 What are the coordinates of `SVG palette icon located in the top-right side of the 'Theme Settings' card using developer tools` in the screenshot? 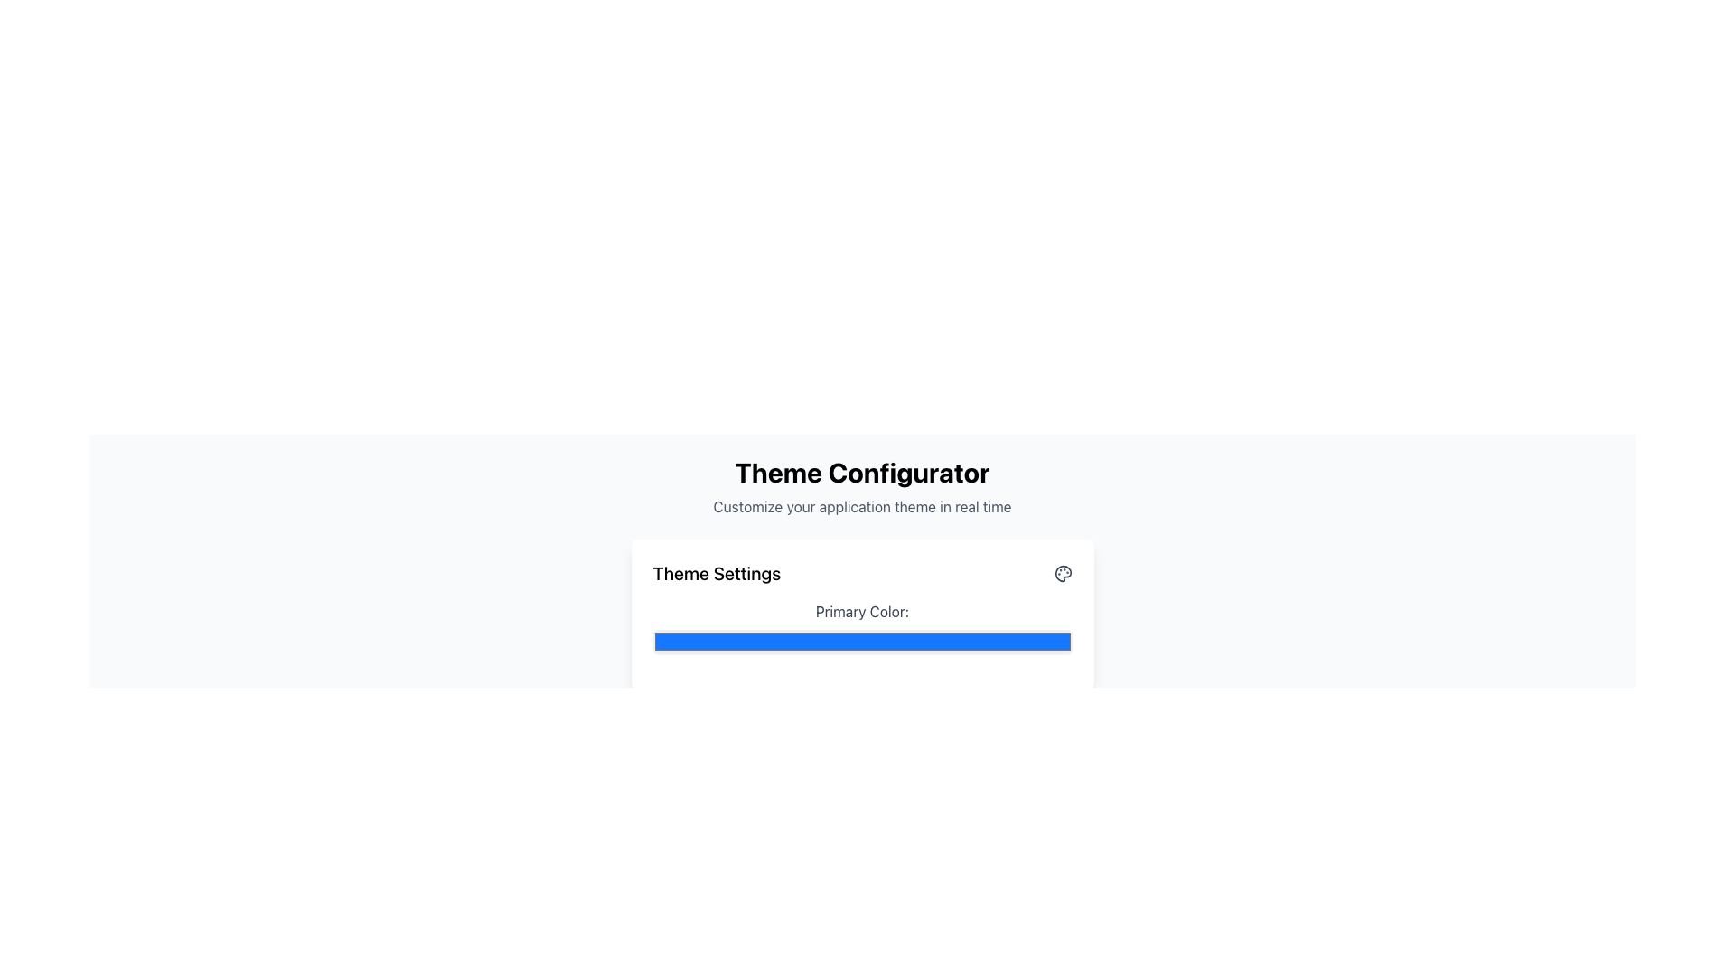 It's located at (1063, 574).